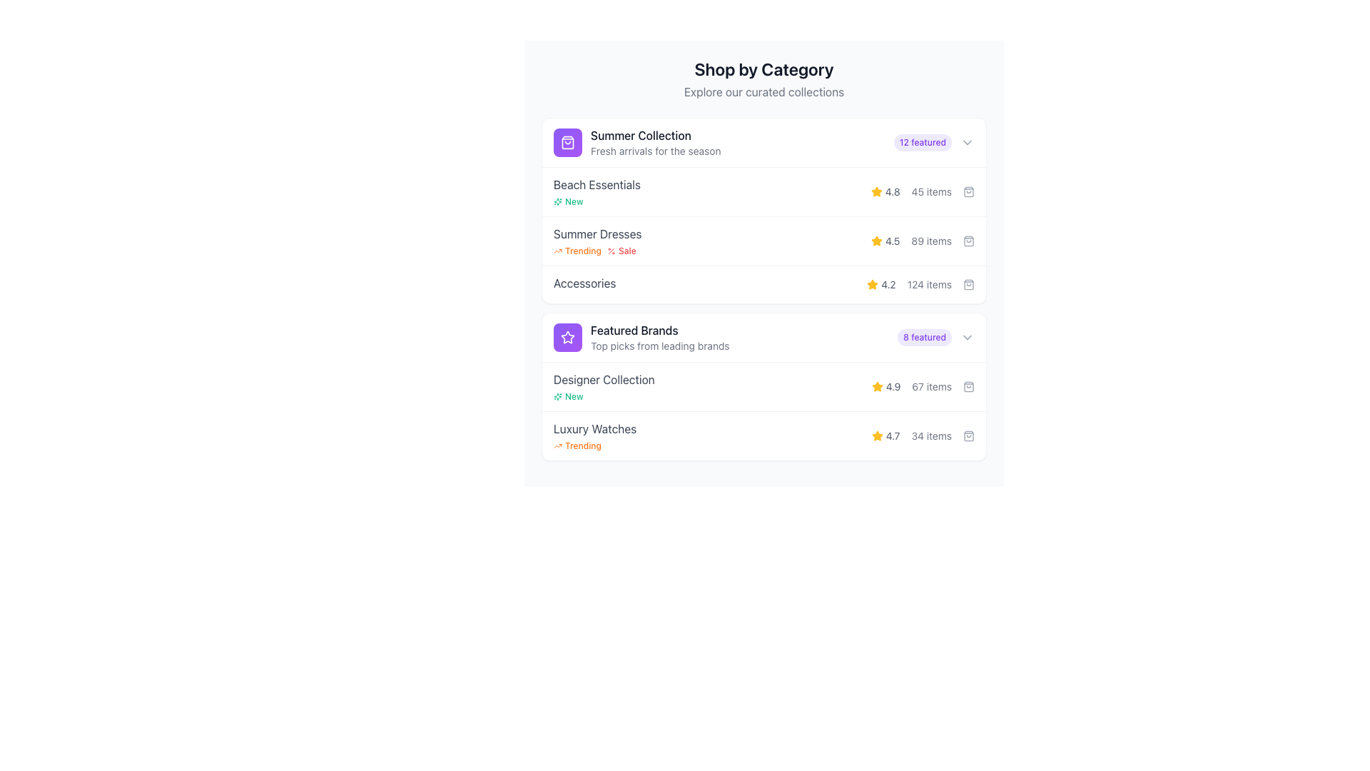  What do you see at coordinates (881, 284) in the screenshot?
I see `the rating element displaying a gold star icon and the number '4.2', located on the right side of the 'Accessories' entry in the 'Shop by Category' section` at bounding box center [881, 284].